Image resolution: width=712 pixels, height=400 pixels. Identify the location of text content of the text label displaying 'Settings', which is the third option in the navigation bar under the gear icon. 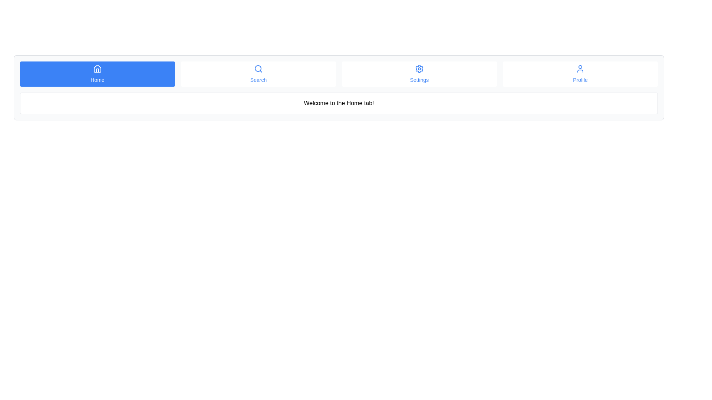
(419, 80).